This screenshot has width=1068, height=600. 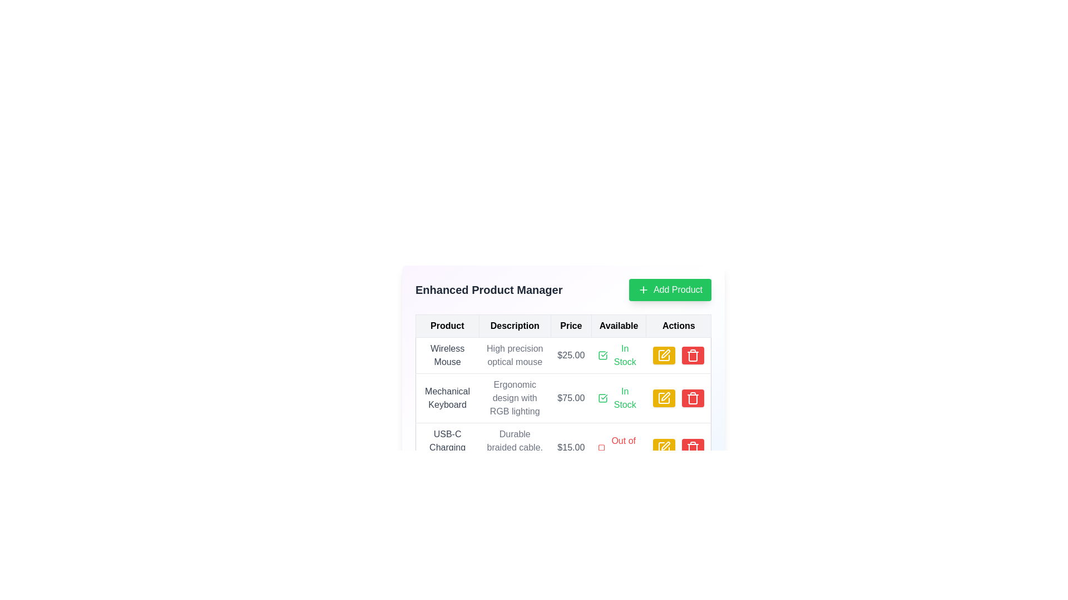 What do you see at coordinates (664, 398) in the screenshot?
I see `the yellow square icon button with a pen overlayed, located in the 'Actions' column of the second row in the product table` at bounding box center [664, 398].